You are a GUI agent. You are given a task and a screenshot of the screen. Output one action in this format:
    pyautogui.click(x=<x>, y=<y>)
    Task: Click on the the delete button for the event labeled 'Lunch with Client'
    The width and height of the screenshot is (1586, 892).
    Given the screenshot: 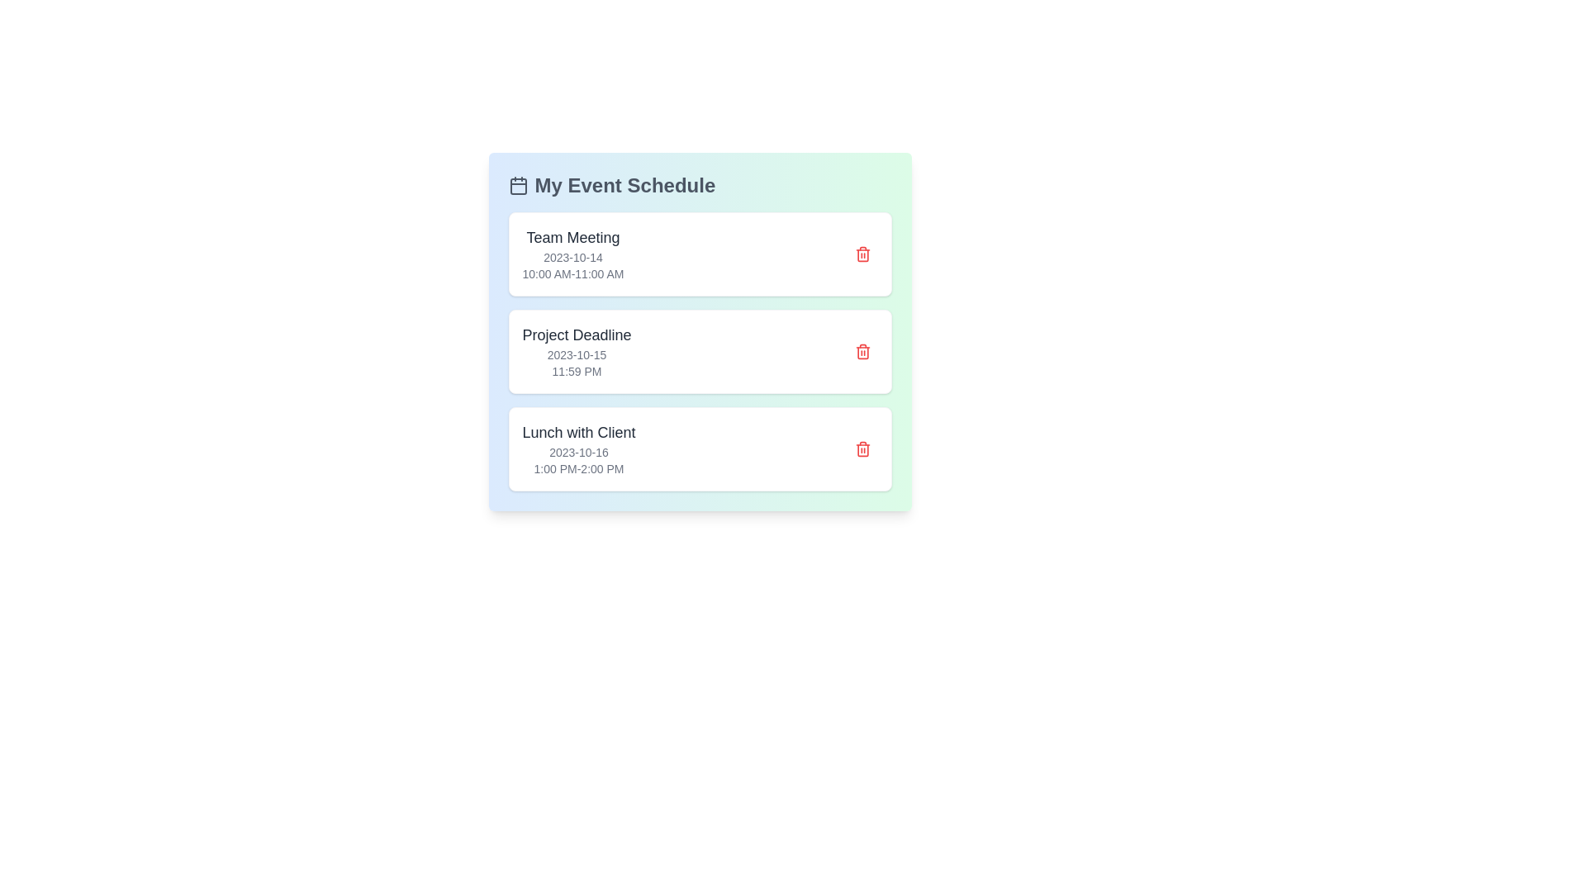 What is the action you would take?
    pyautogui.click(x=862, y=448)
    